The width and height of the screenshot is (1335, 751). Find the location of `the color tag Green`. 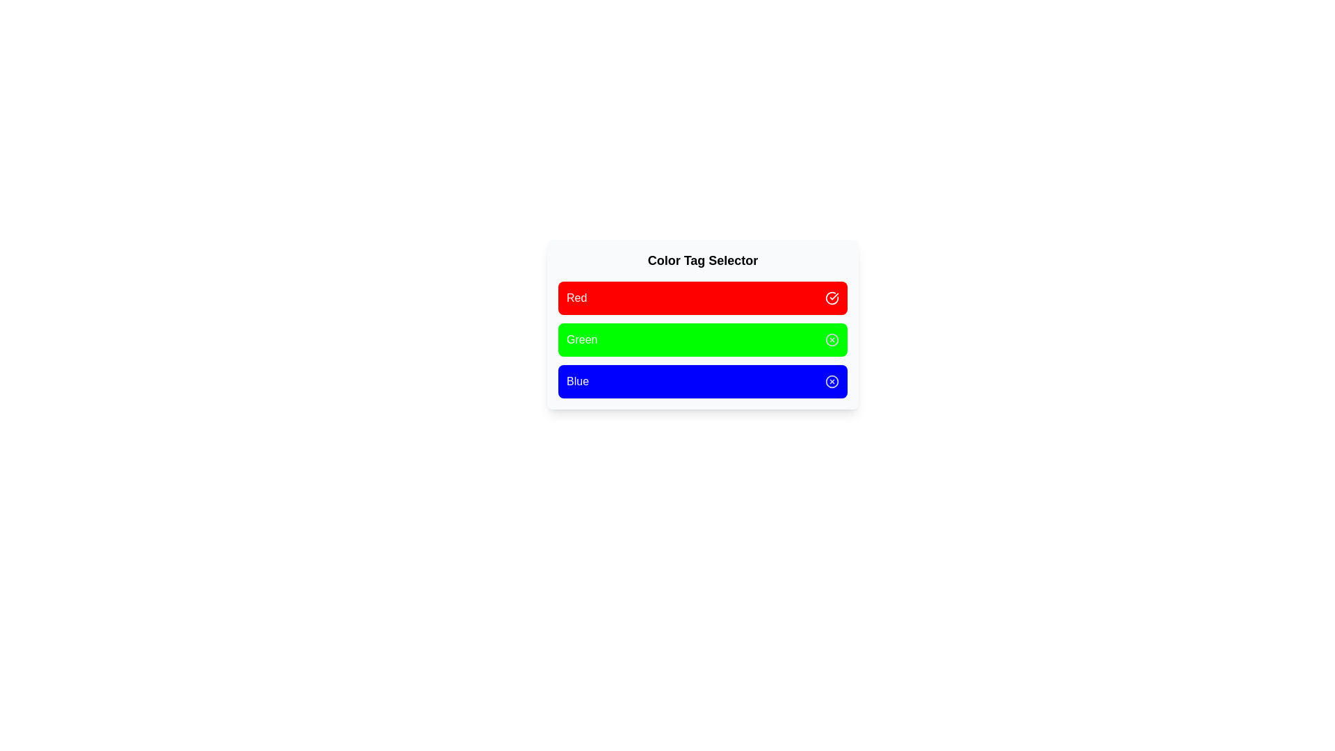

the color tag Green is located at coordinates (703, 340).